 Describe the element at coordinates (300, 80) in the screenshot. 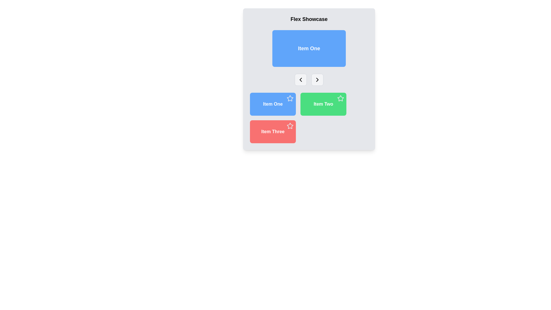

I see `the navigation button with a chevron-left icon` at that location.